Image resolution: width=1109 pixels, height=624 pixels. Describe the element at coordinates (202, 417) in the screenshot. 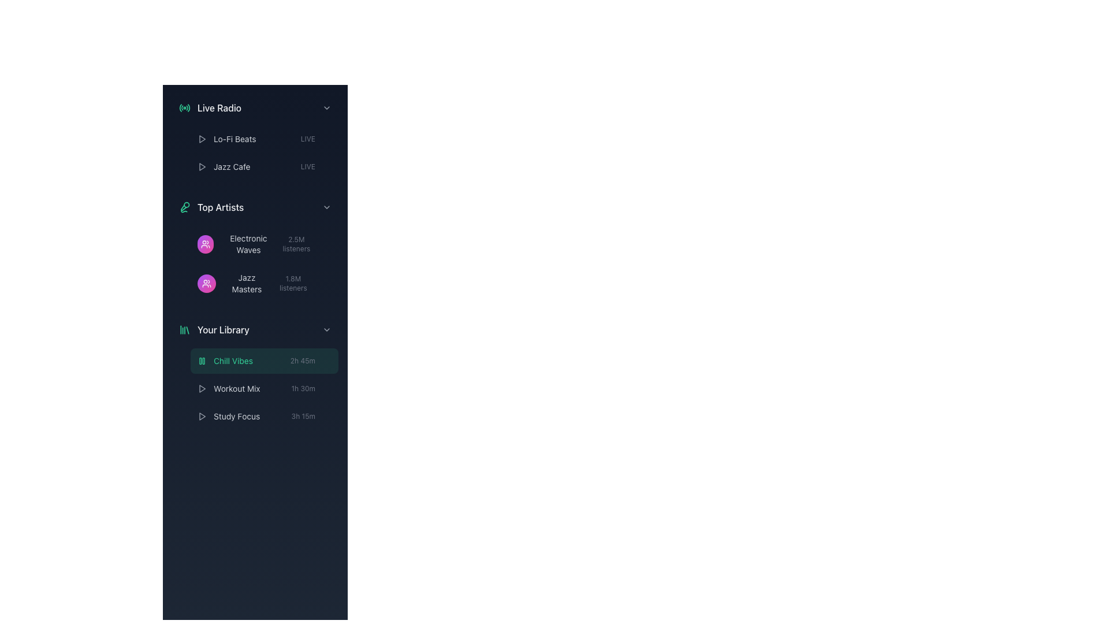

I see `the play button located in the 'Your Library' section under the 'Study Focus' item` at that location.